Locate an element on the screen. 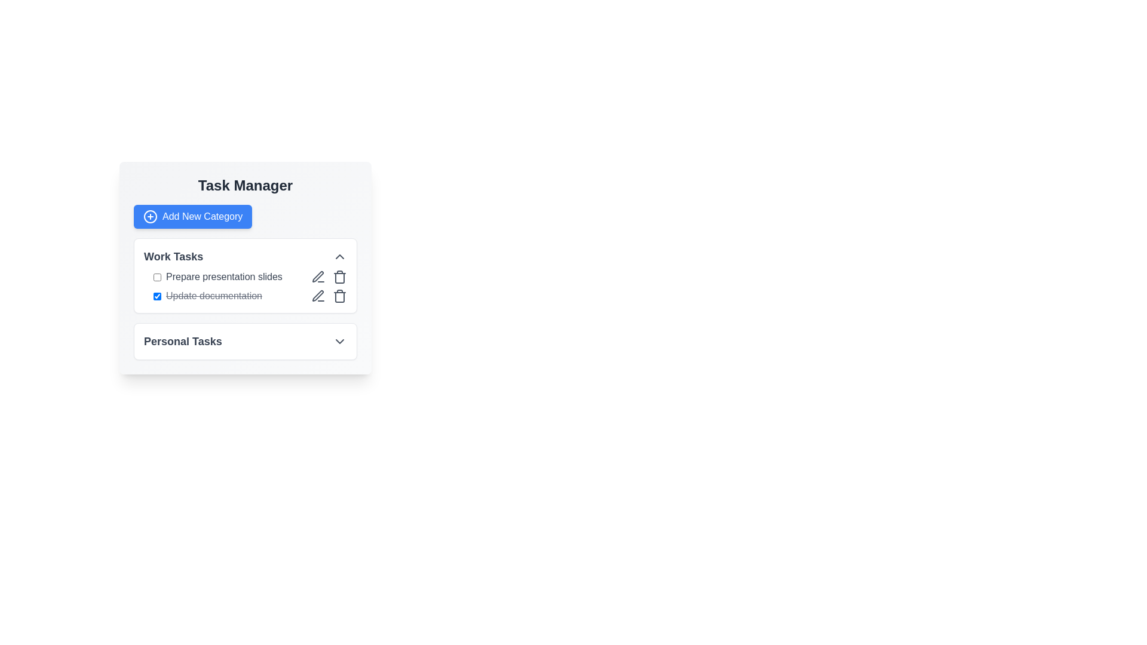 This screenshot has width=1147, height=645. the downward arrow icon located to the right of the 'Personal Tasks' label is located at coordinates (339, 341).